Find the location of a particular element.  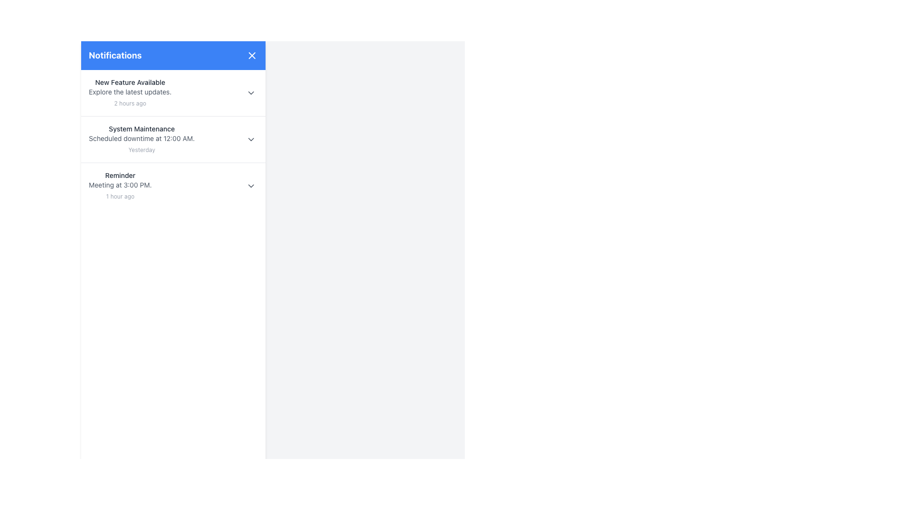

text element displaying 'New Feature Available' in bold, dark gray font, which is positioned at the top-left corner of the notifications panel in the sidebar is located at coordinates (130, 82).